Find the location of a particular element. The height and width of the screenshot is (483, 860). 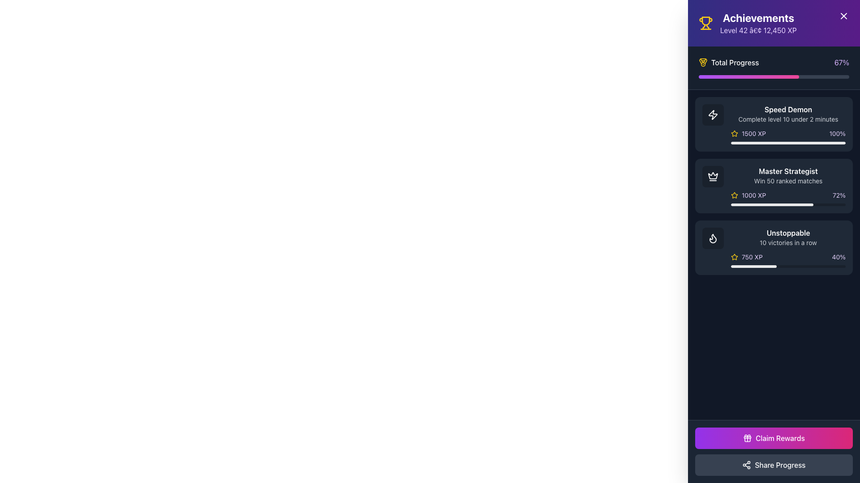

'Achievements' text label, which is displayed in bold and large sans-serif font, in white over a solid purple background, located at the top center of the interface is located at coordinates (758, 17).